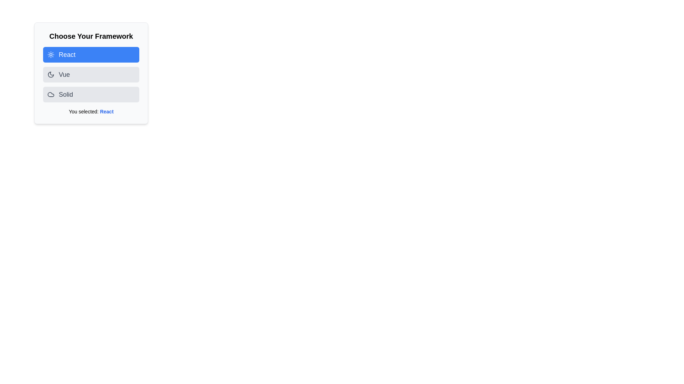  What do you see at coordinates (51, 94) in the screenshot?
I see `the icon representing the 'Solid' framework located in the middle right of the card, specifically in the third button slot` at bounding box center [51, 94].